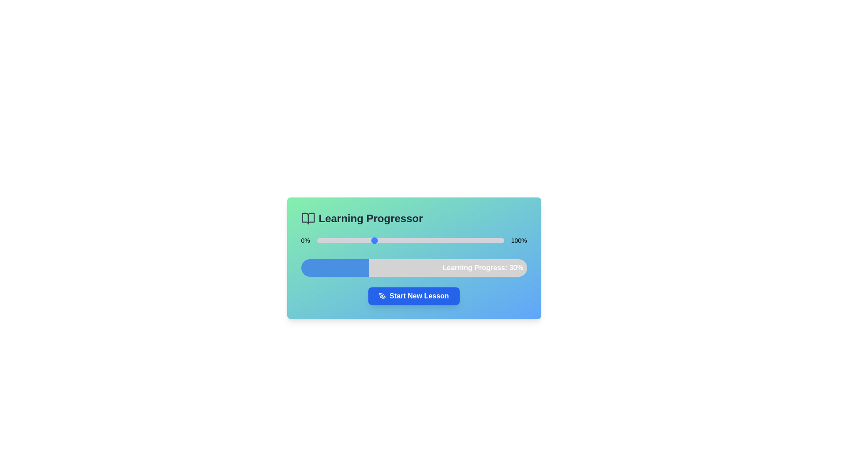 This screenshot has width=847, height=476. What do you see at coordinates (481, 241) in the screenshot?
I see `the progress slider to set the progress to 88%` at bounding box center [481, 241].